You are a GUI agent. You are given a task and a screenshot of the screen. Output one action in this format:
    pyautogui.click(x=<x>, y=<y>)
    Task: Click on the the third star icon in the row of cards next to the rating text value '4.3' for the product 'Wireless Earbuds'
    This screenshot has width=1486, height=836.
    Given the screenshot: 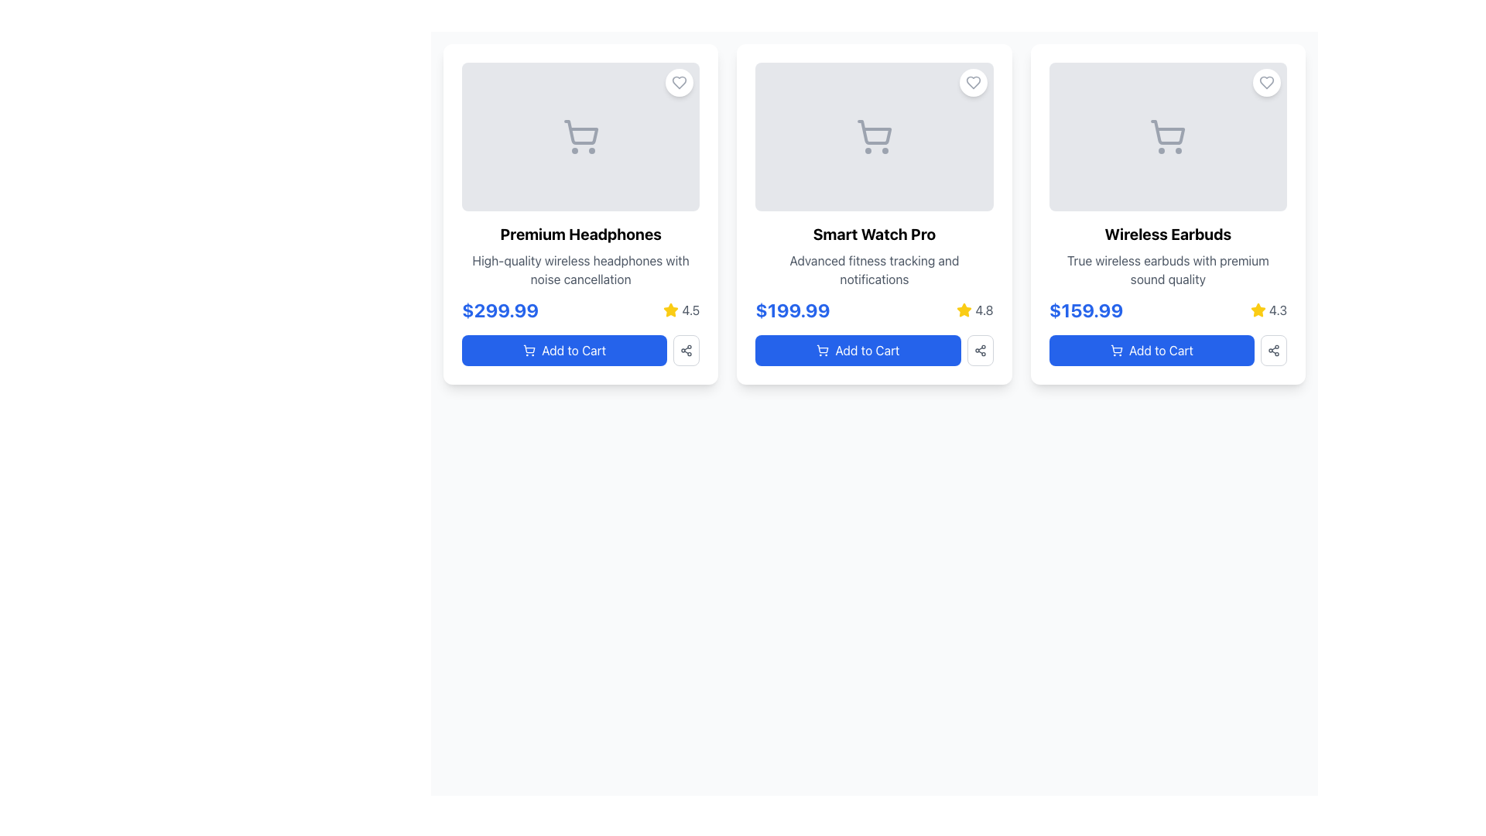 What is the action you would take?
    pyautogui.click(x=1258, y=310)
    